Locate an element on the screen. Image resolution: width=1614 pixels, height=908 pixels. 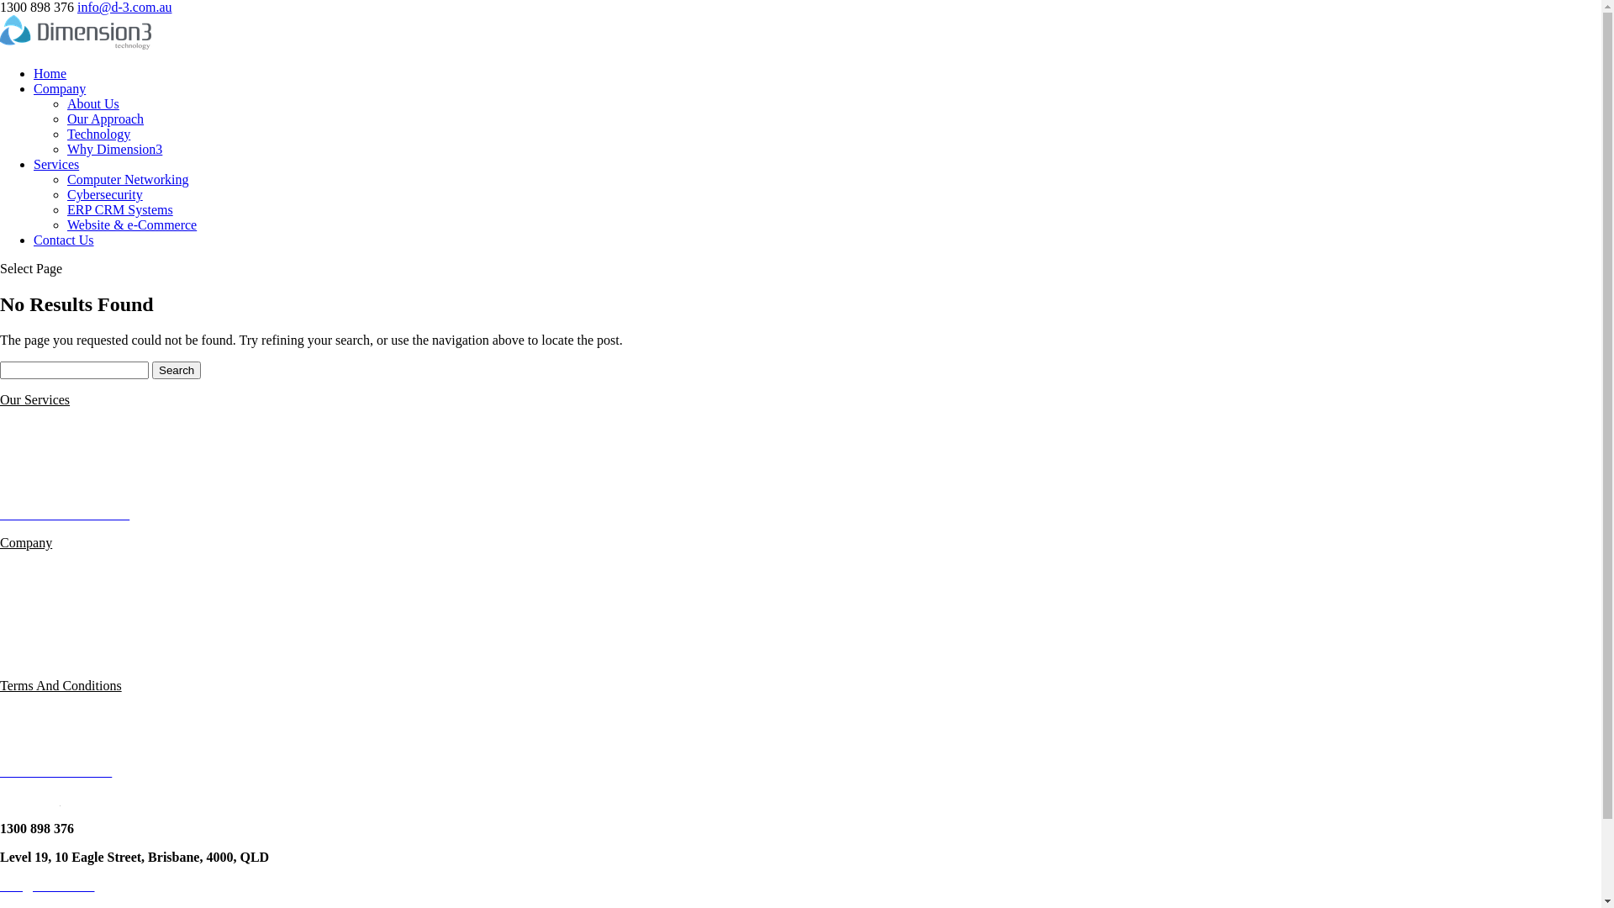
'ERP CRM Systems' is located at coordinates (119, 209).